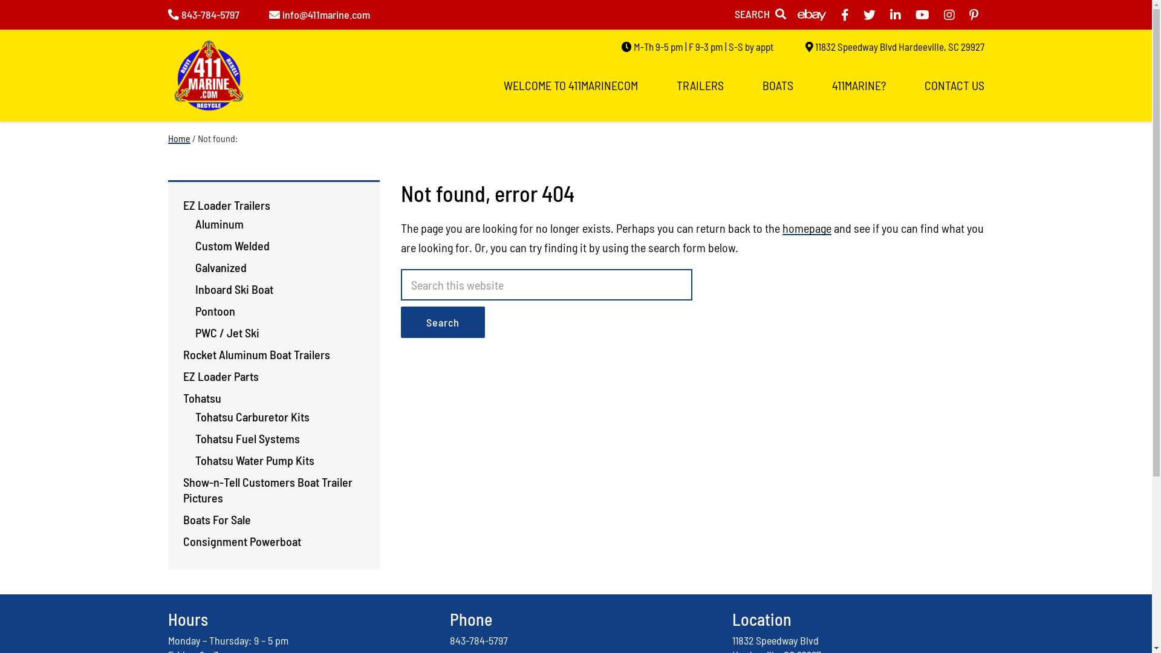  Describe the element at coordinates (216, 519) in the screenshot. I see `'Boats For Sale'` at that location.